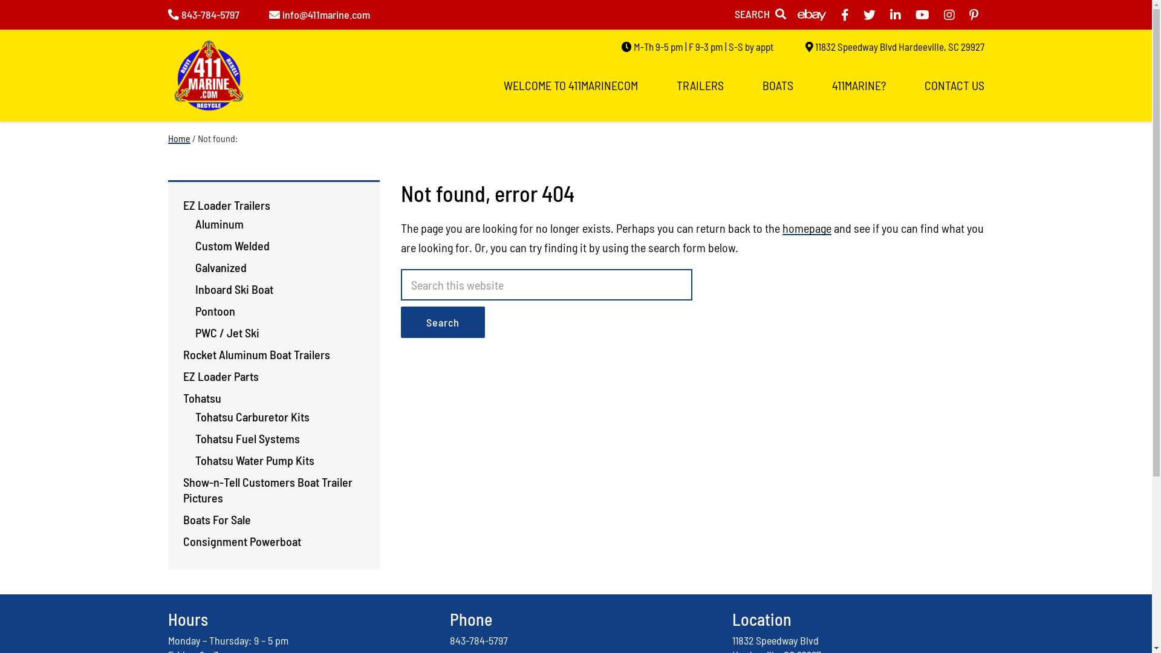  Describe the element at coordinates (216, 519) in the screenshot. I see `'Boats For Sale'` at that location.